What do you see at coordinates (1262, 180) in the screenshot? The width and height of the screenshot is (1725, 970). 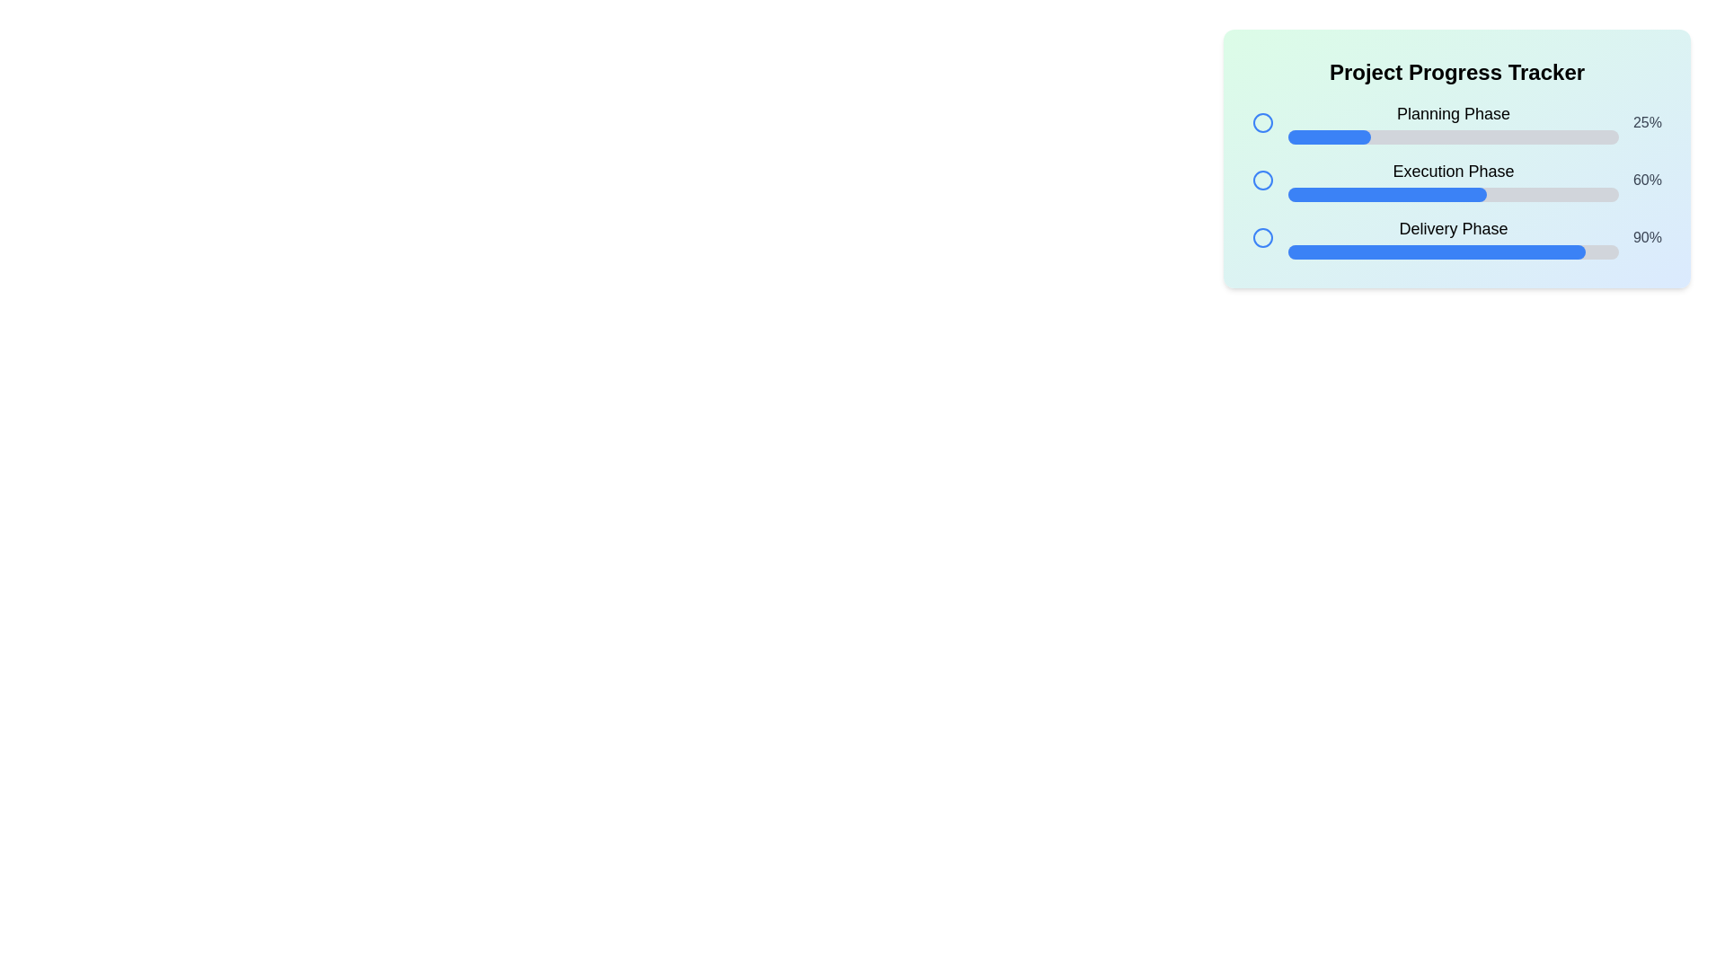 I see `circular indicator icon representing the 'Execution Phase' located to the left of the text label 'Execution Phase'` at bounding box center [1262, 180].